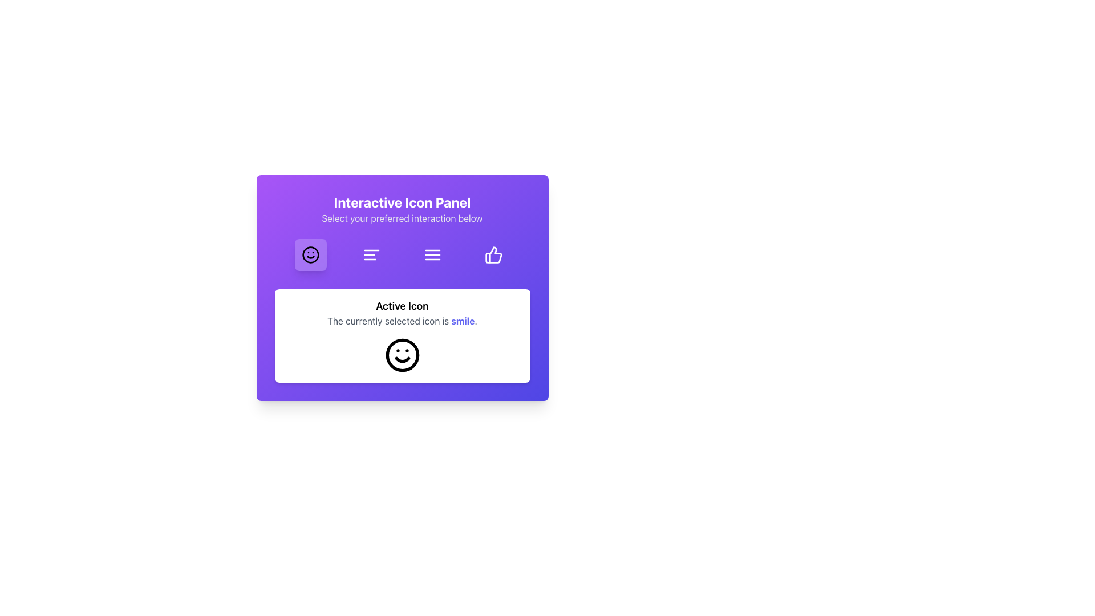 The image size is (1095, 616). What do you see at coordinates (402, 355) in the screenshot?
I see `the smiley face icon, which is the active icon located below the header 'Interactive Icon Panel' on a purple panel` at bounding box center [402, 355].